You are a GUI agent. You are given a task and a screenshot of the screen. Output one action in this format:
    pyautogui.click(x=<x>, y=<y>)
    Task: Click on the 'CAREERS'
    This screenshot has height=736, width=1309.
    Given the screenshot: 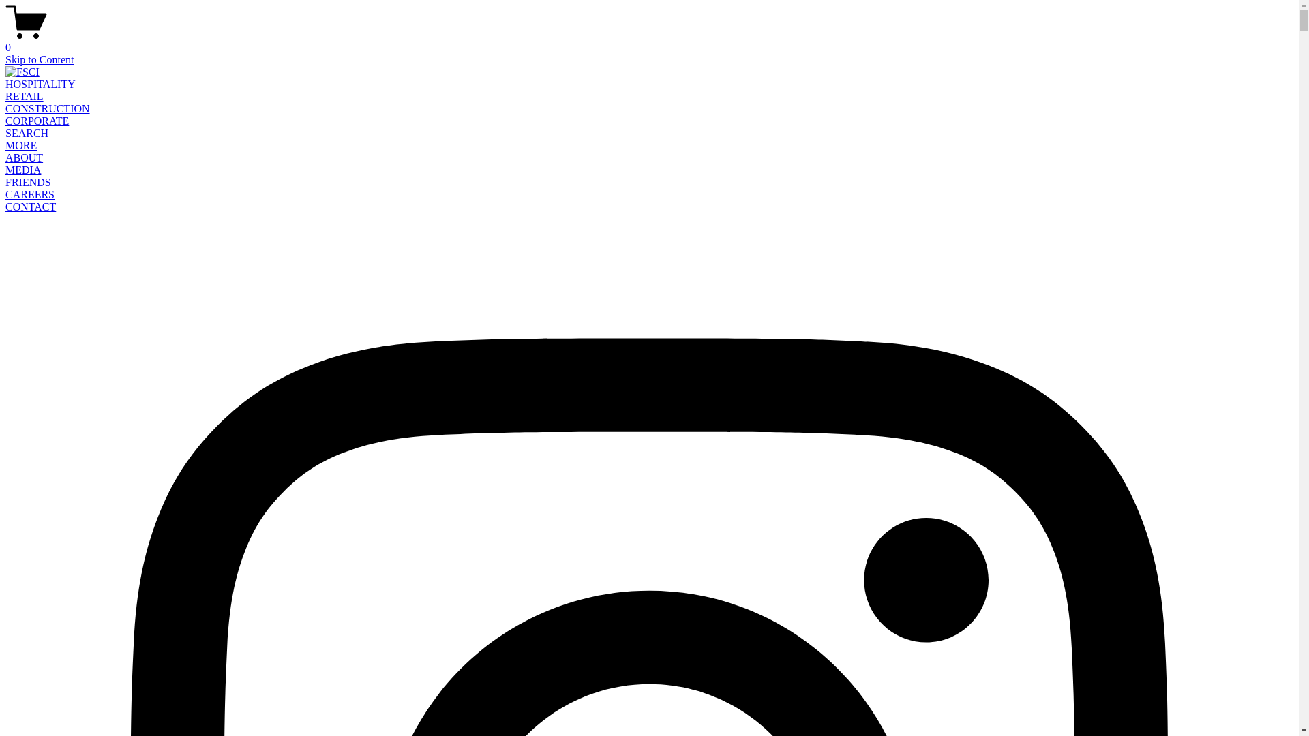 What is the action you would take?
    pyautogui.click(x=5, y=194)
    